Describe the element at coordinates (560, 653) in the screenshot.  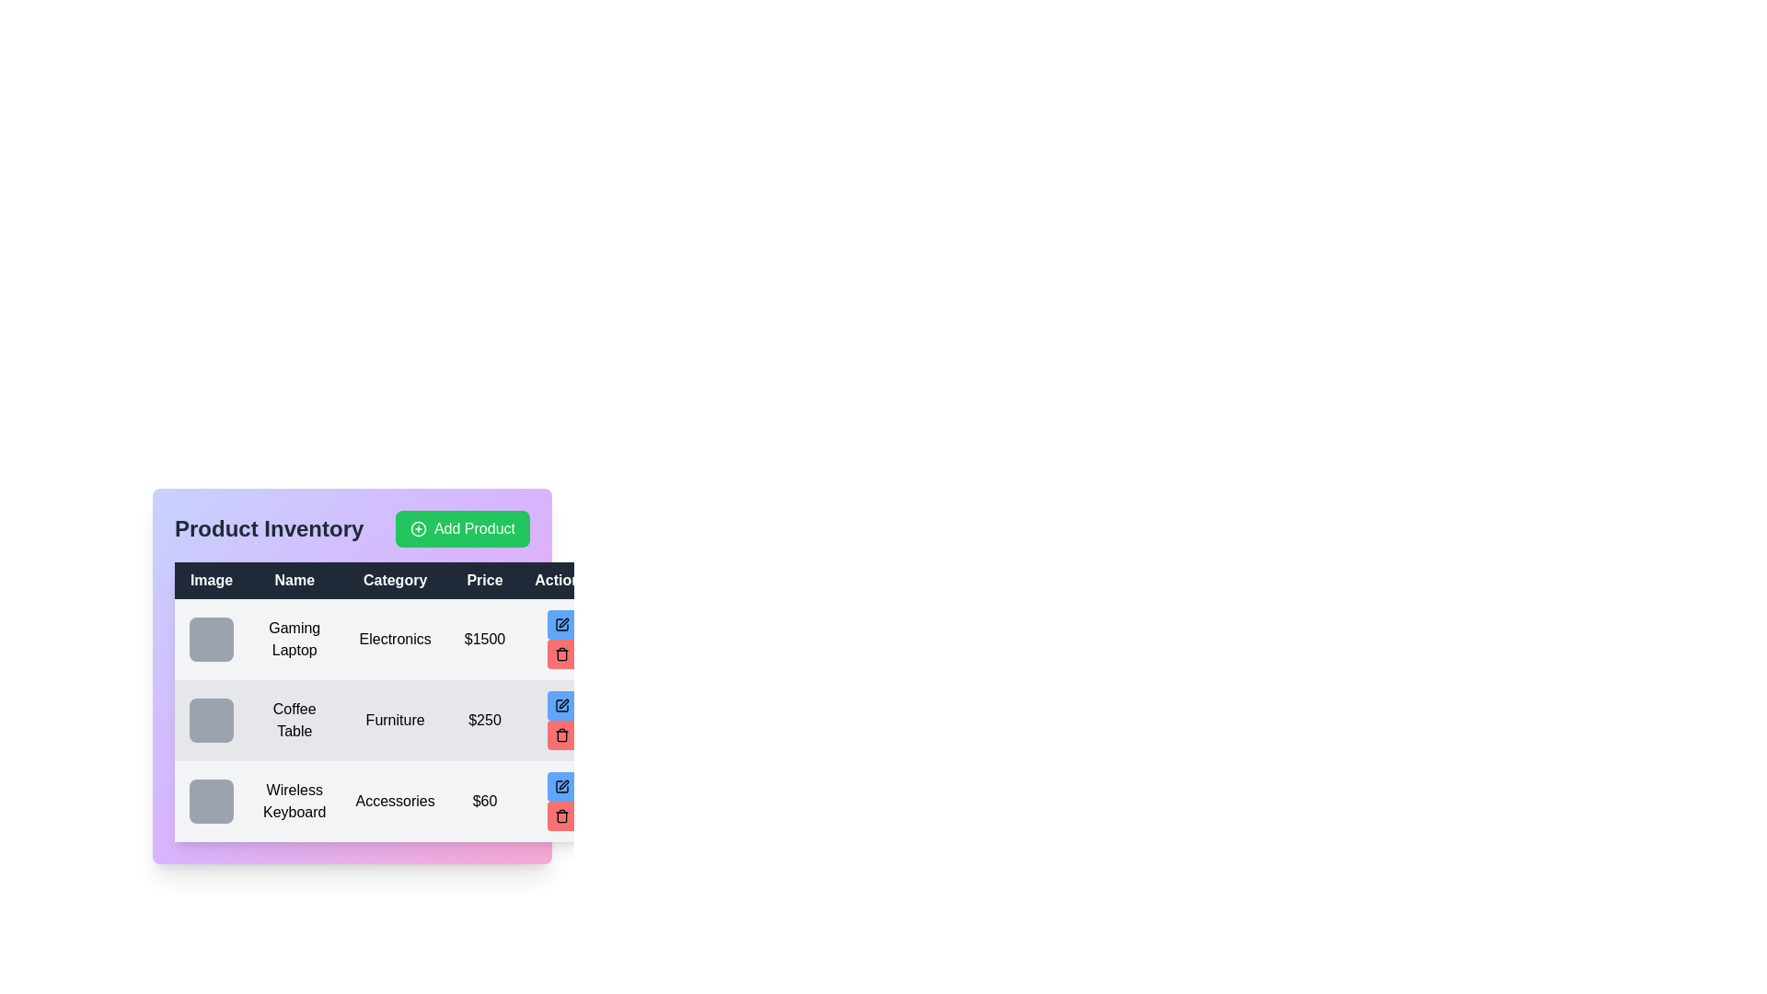
I see `the red delete button with a trash can icon in the actions column of the product inventory table for the 'Gaming Laptop'` at that location.